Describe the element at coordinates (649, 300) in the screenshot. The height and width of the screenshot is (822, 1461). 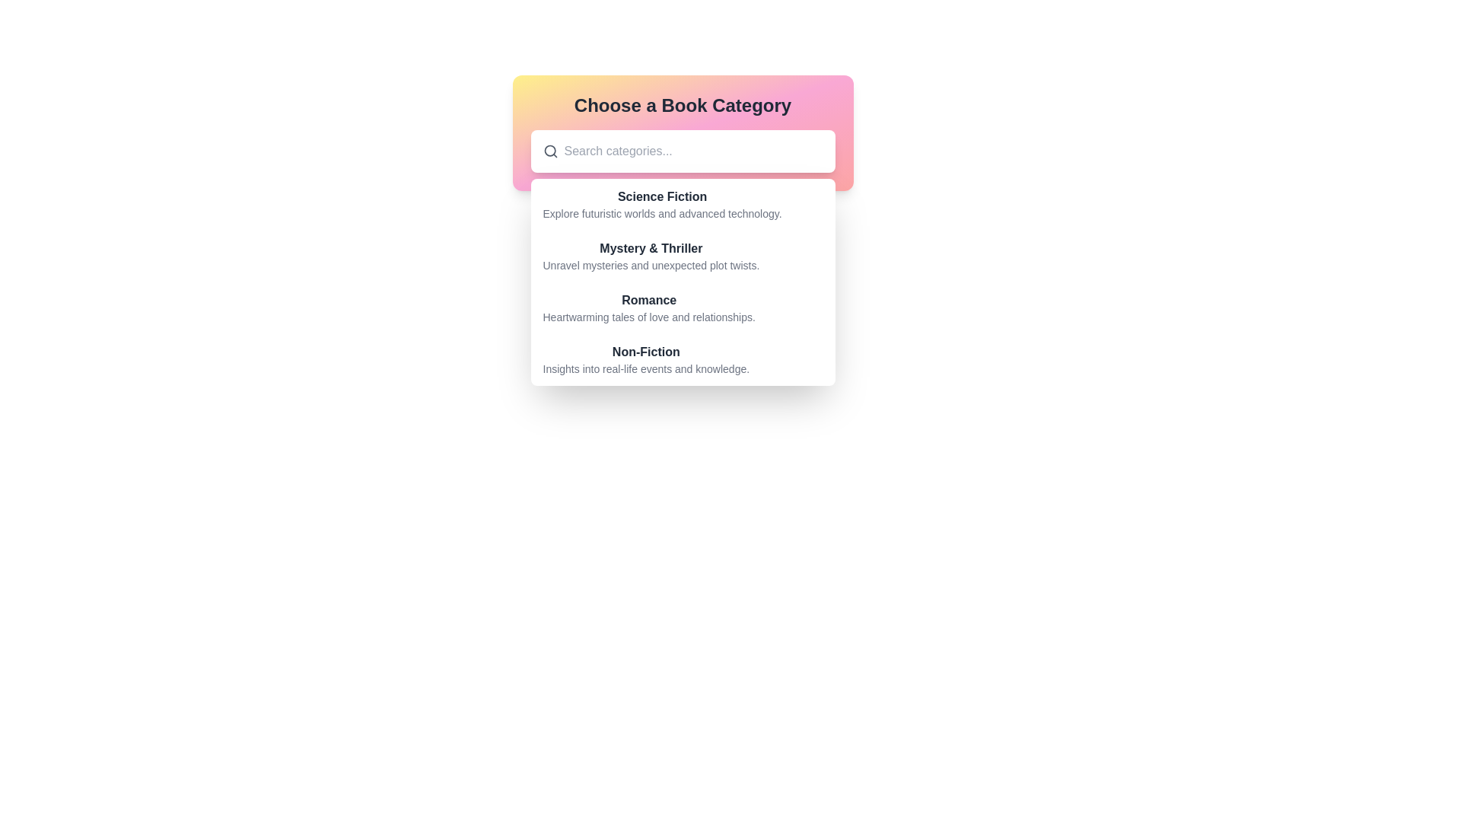
I see `the 'Romance' text label, which is displayed in bold, dark-colored font and is located between the 'Mystery & Thriller' and 'Non-Fiction' categories in the book genres section` at that location.